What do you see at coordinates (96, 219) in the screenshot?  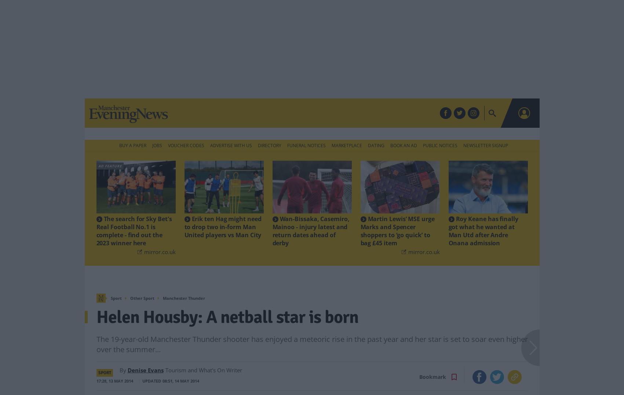 I see `'The search for Sky Bet's Real Football No.1 is complete - find out the 2023 winner here'` at bounding box center [96, 219].